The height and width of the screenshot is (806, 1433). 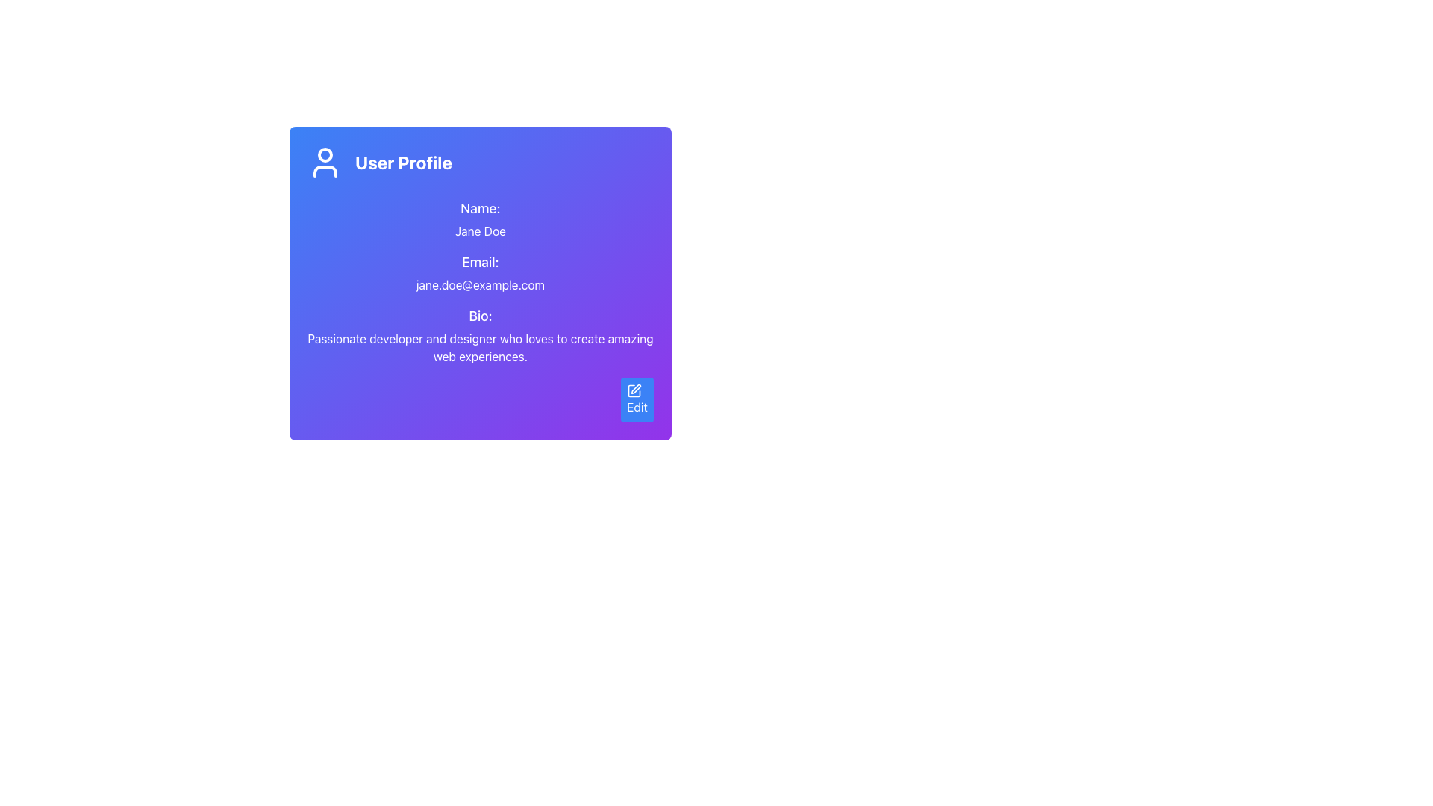 What do you see at coordinates (325, 163) in the screenshot?
I see `the user profile silhouette SVG icon with a blue background located to the left of the 'User Profile' title` at bounding box center [325, 163].